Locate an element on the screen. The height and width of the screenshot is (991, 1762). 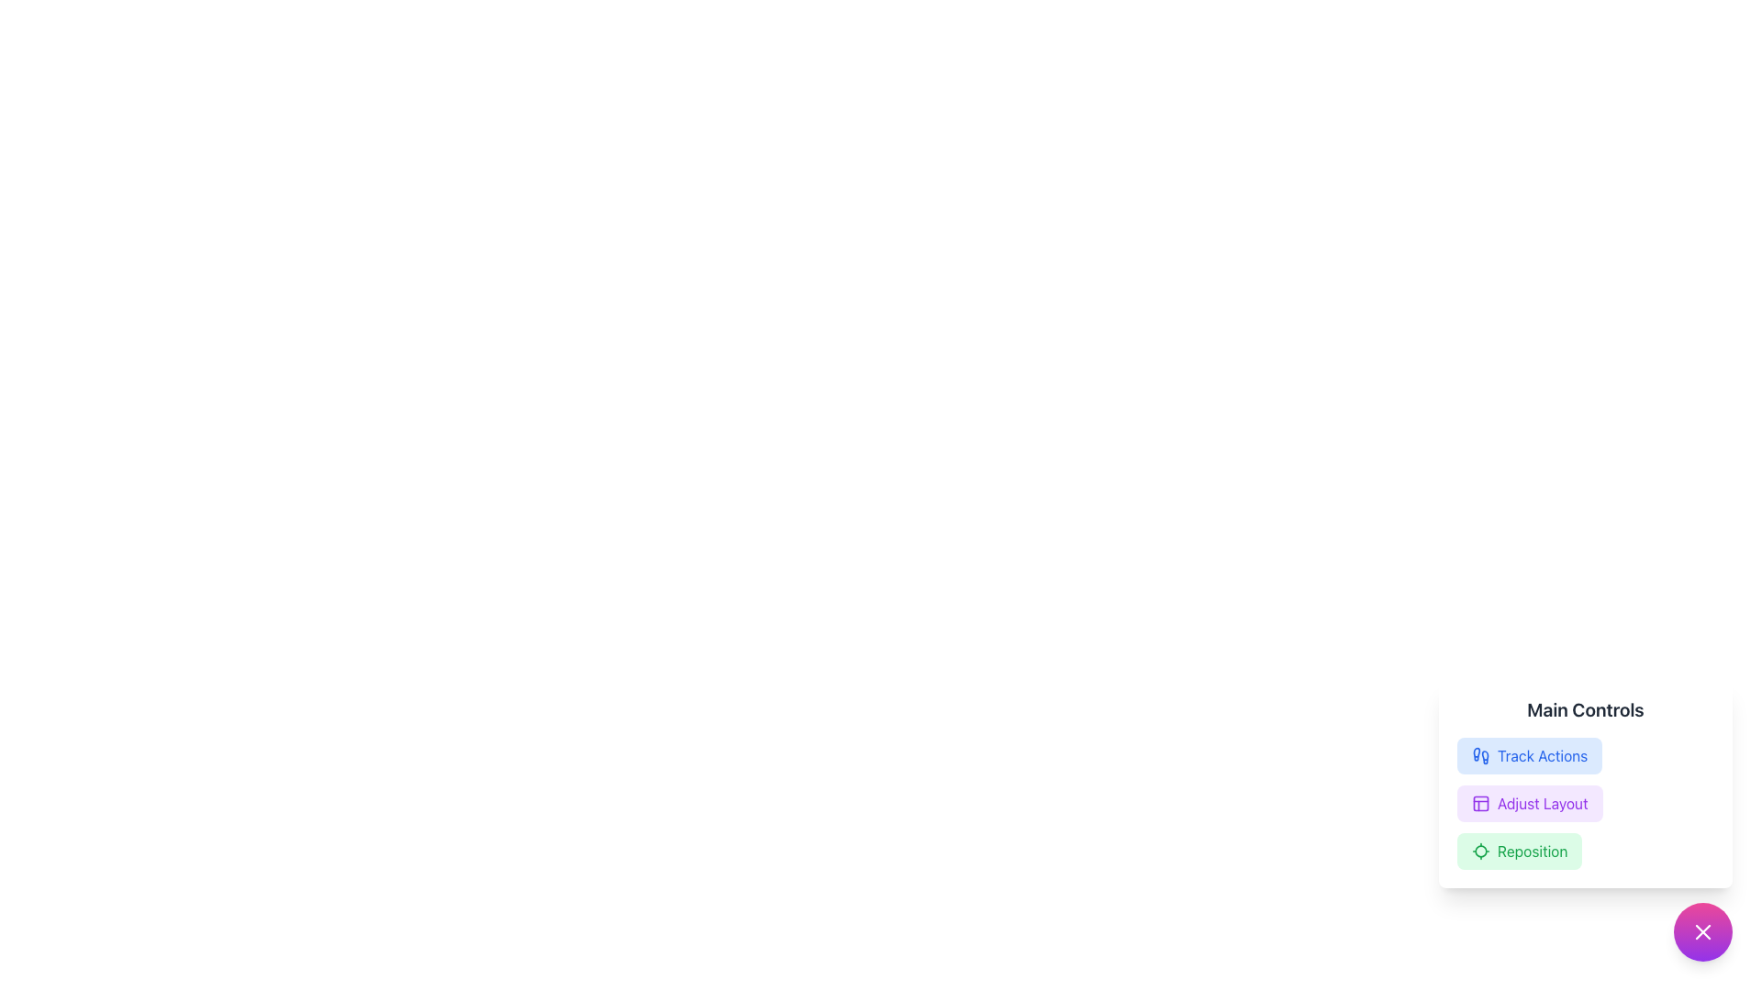
the 'Adjust Layout' button, which is the second button in the 'Main Controls' section is located at coordinates (1585, 783).